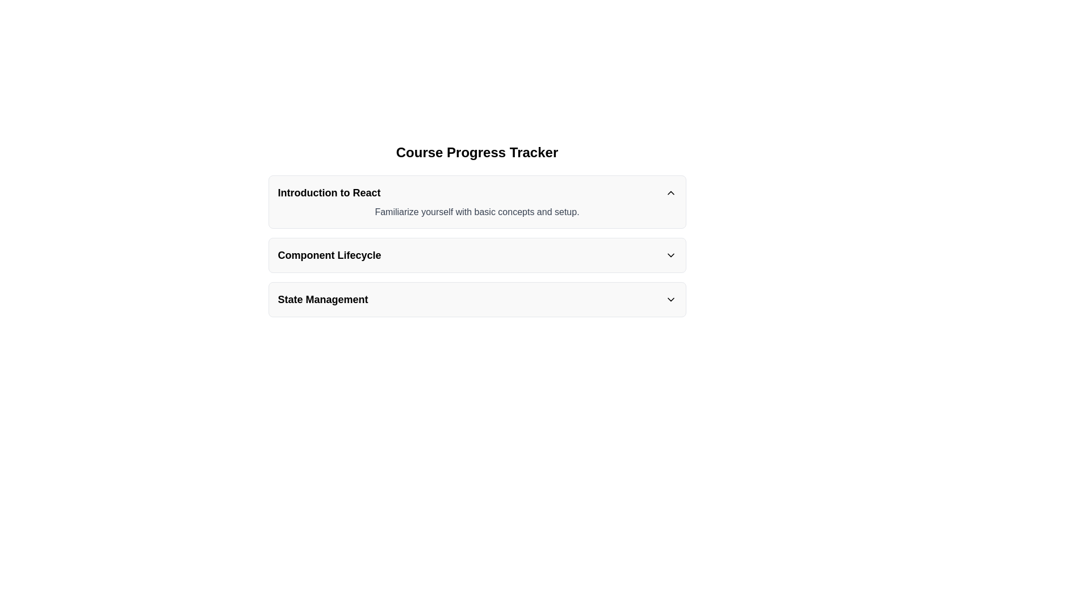 The height and width of the screenshot is (613, 1090). I want to click on text content of the title element that serves as a heading for the collapsible section labeled 'Introduction to React', located towards the left side of the header-like structure, so click(329, 192).